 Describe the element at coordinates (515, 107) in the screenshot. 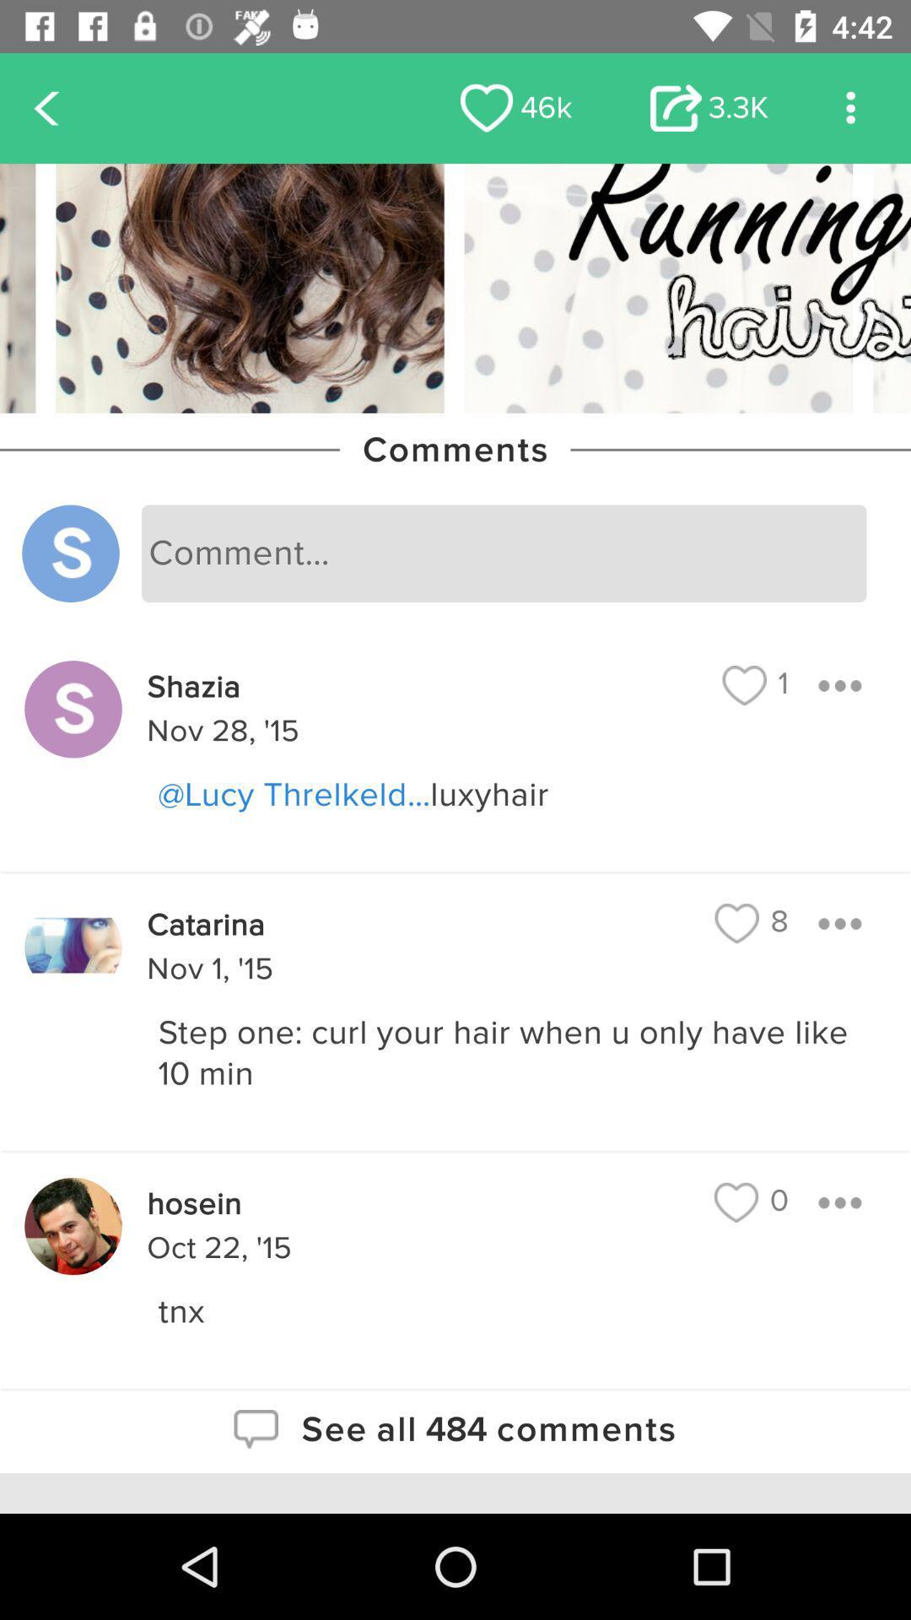

I see `item next to the 3.3k` at that location.